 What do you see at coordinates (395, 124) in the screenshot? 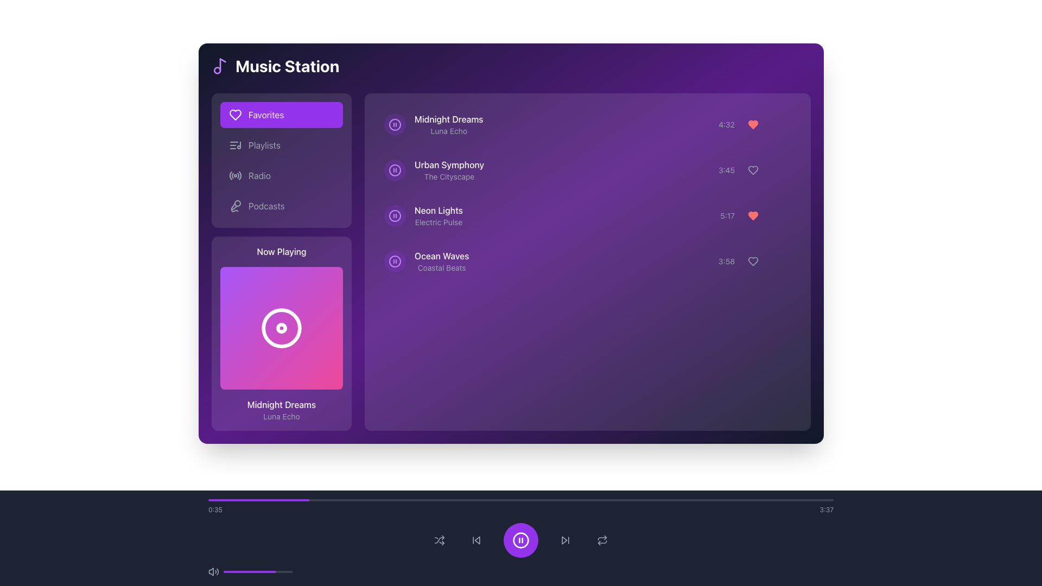
I see `the circular button with a purple filled background and a pause symbol icon, located` at bounding box center [395, 124].